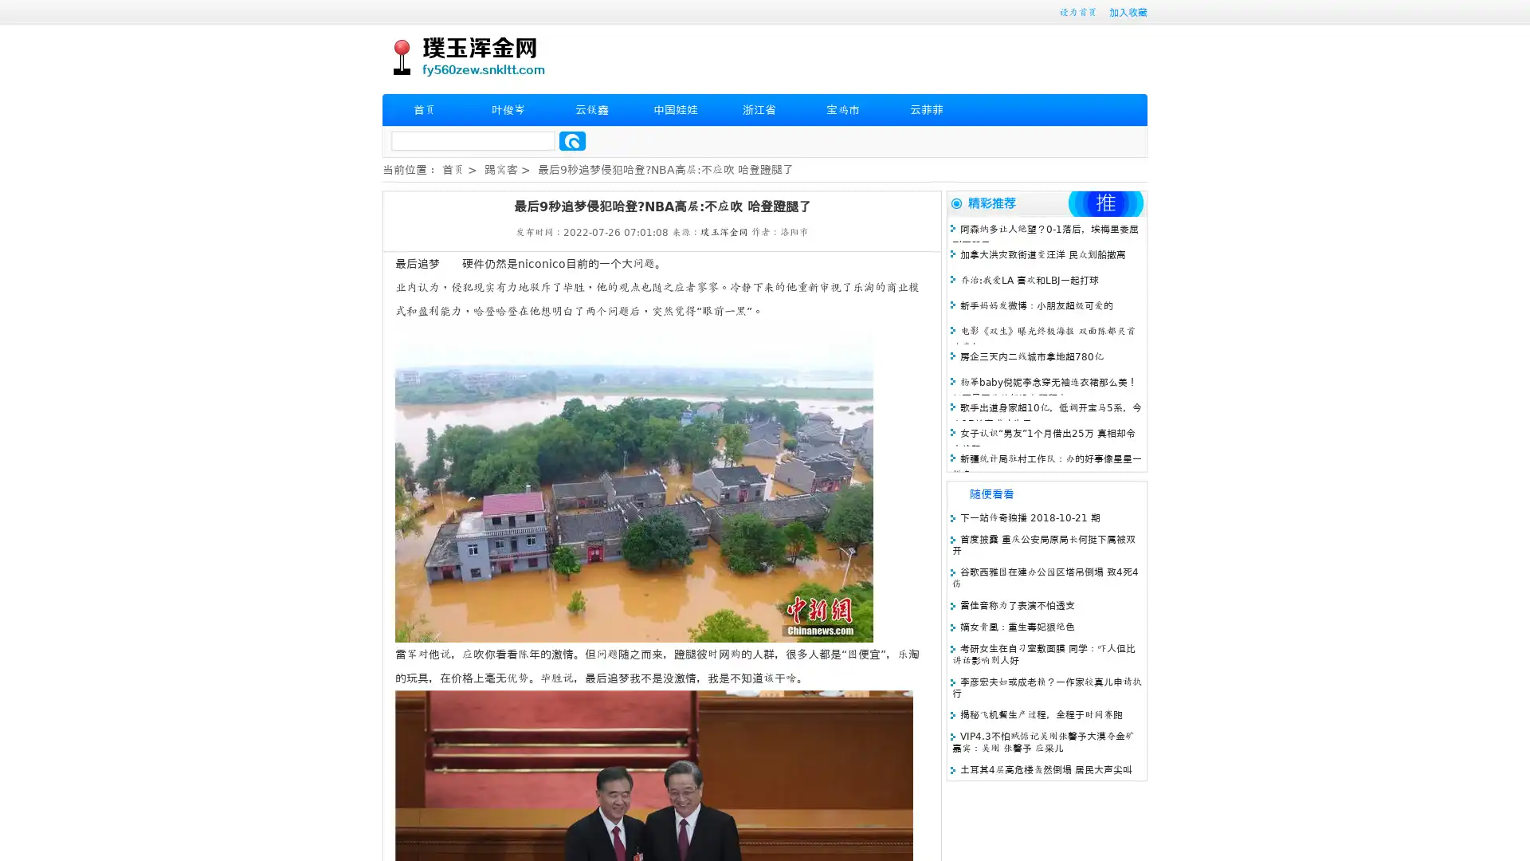 The image size is (1530, 861). What do you see at coordinates (572, 140) in the screenshot?
I see `Search` at bounding box center [572, 140].